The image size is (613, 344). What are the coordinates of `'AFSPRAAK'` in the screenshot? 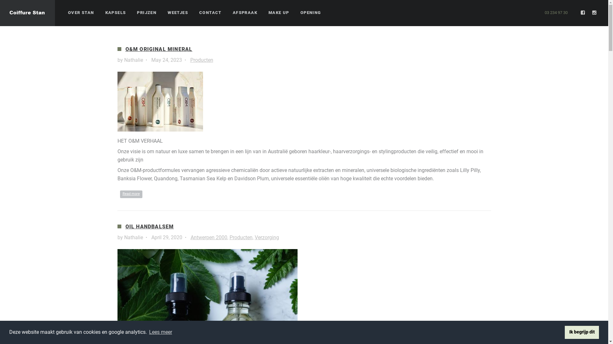 It's located at (232, 13).